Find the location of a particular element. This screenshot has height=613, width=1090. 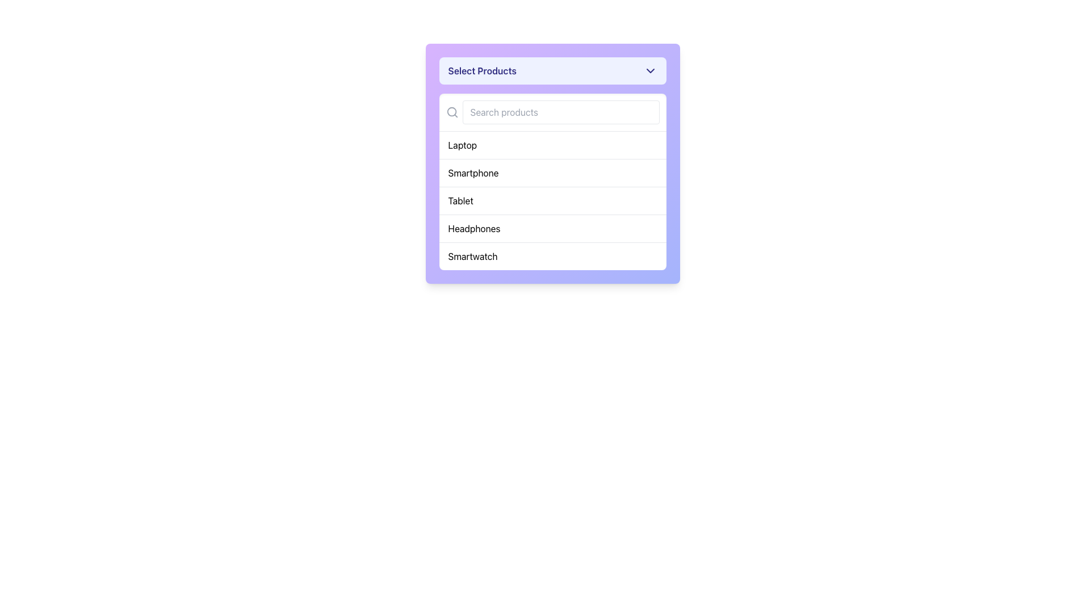

the static text label 'Select Products' to indicate interactivity in the dropdown component is located at coordinates (482, 70).